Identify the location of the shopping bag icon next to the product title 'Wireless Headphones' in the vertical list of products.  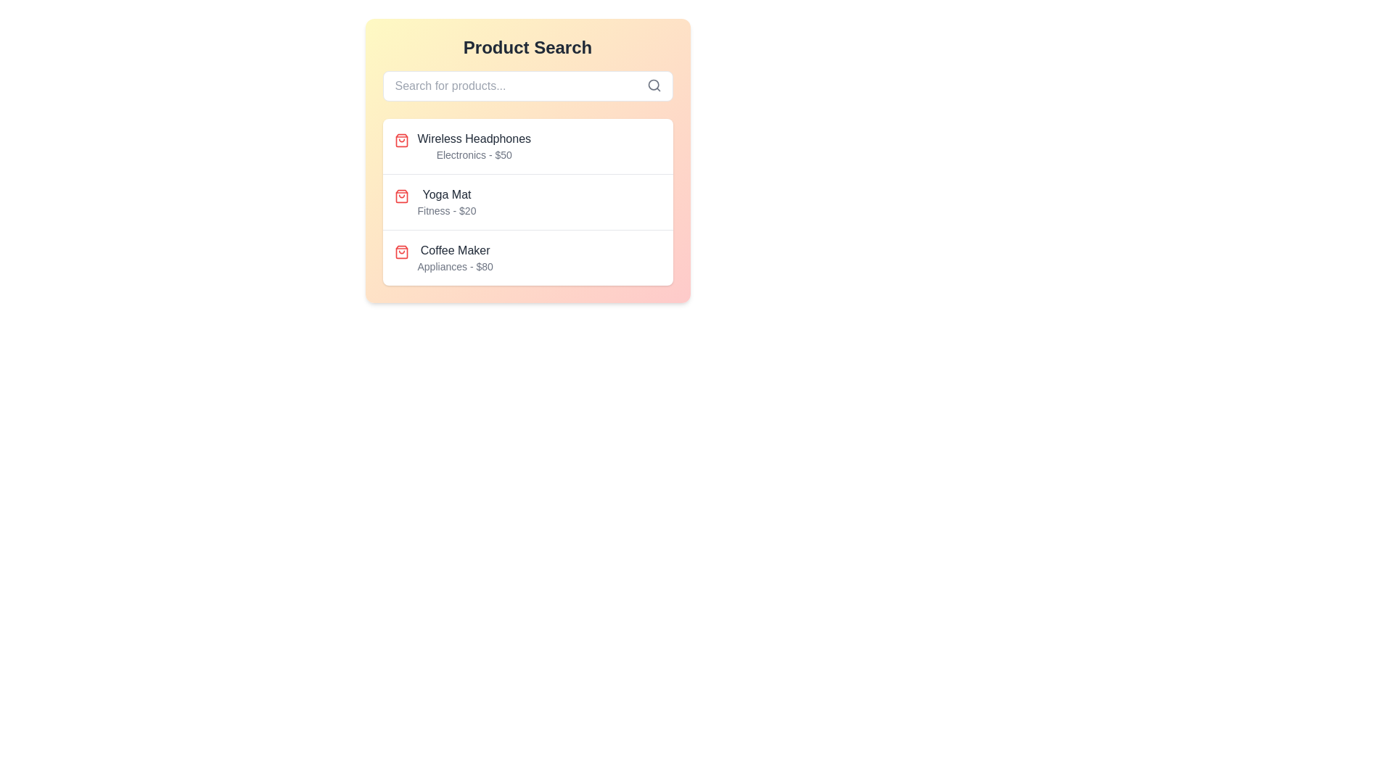
(401, 140).